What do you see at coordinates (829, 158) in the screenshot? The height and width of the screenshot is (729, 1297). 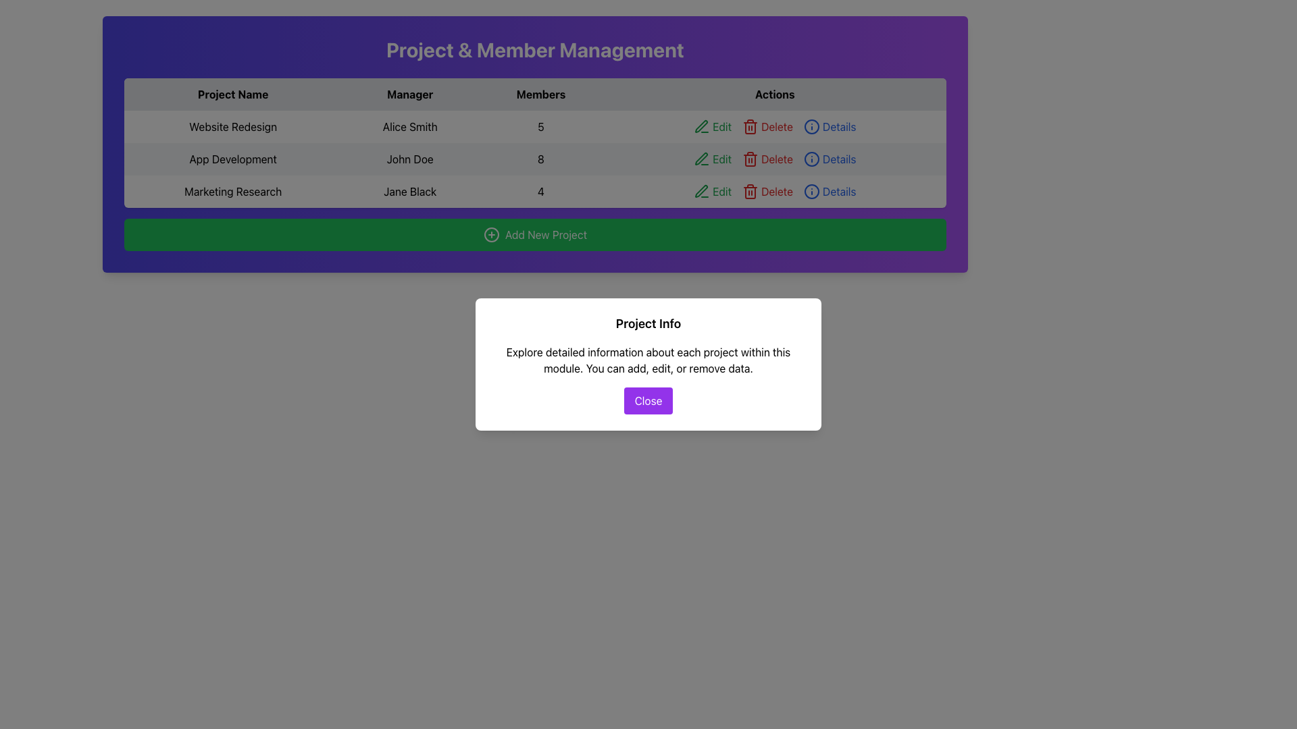 I see `the hyperlink or button in the last column under the 'Actions' header of the second row in the table` at bounding box center [829, 158].